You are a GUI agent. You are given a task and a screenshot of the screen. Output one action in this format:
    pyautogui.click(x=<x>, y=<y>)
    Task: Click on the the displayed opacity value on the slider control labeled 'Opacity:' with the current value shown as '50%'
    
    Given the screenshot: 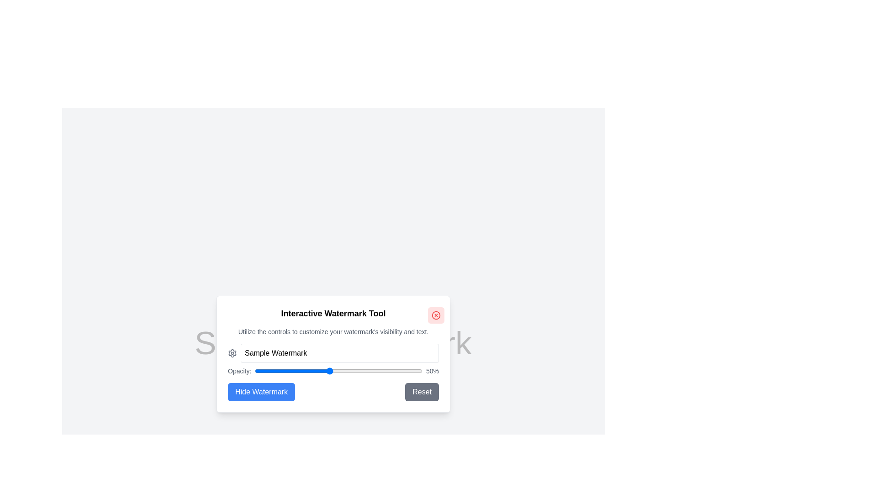 What is the action you would take?
    pyautogui.click(x=333, y=371)
    